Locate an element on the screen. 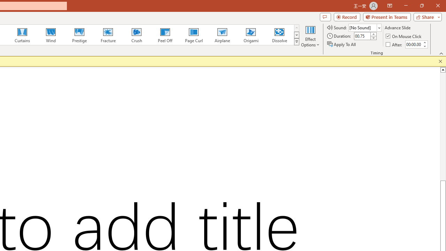 The image size is (446, 251). 'Airplane' is located at coordinates (222, 35).